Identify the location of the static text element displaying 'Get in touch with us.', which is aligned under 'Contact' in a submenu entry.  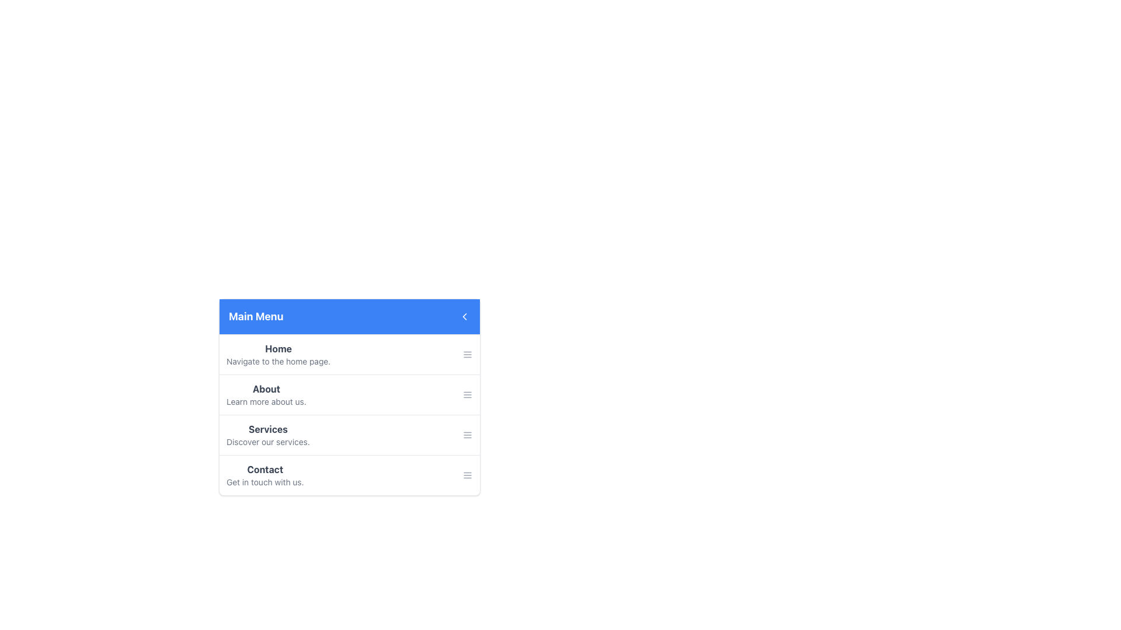
(264, 482).